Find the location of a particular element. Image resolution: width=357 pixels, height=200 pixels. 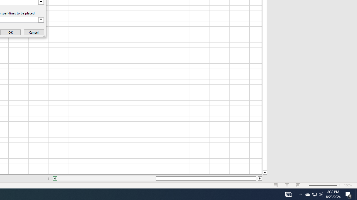

'Zoom In' is located at coordinates (339, 185).